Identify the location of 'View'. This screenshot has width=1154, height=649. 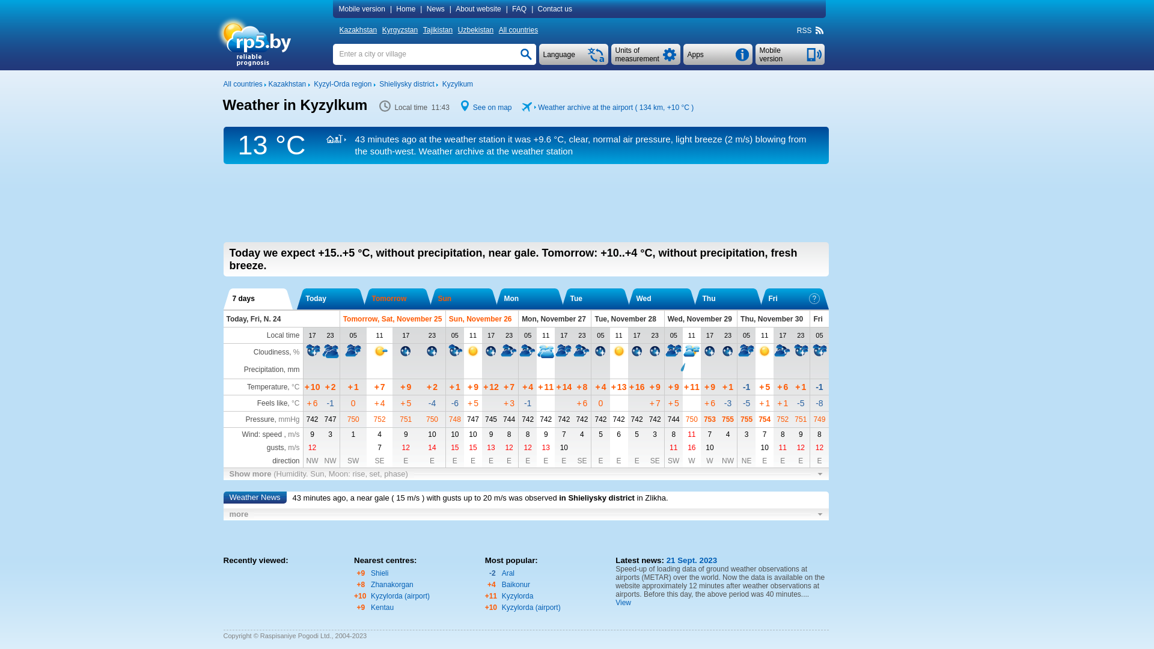
(623, 602).